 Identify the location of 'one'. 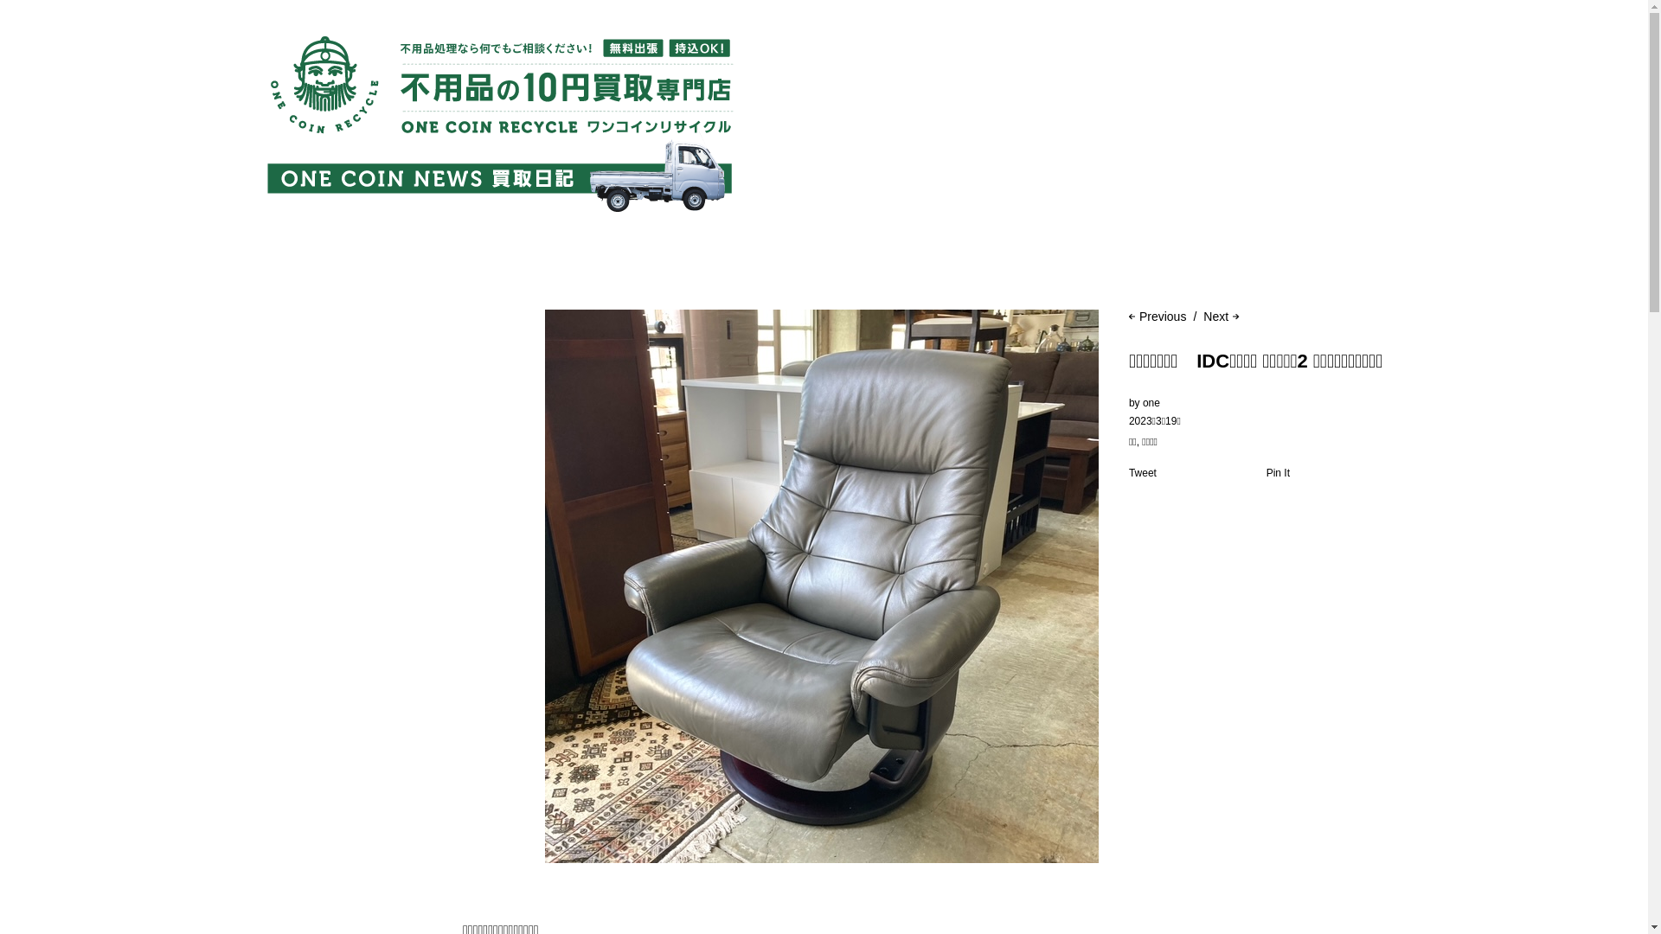
(1151, 403).